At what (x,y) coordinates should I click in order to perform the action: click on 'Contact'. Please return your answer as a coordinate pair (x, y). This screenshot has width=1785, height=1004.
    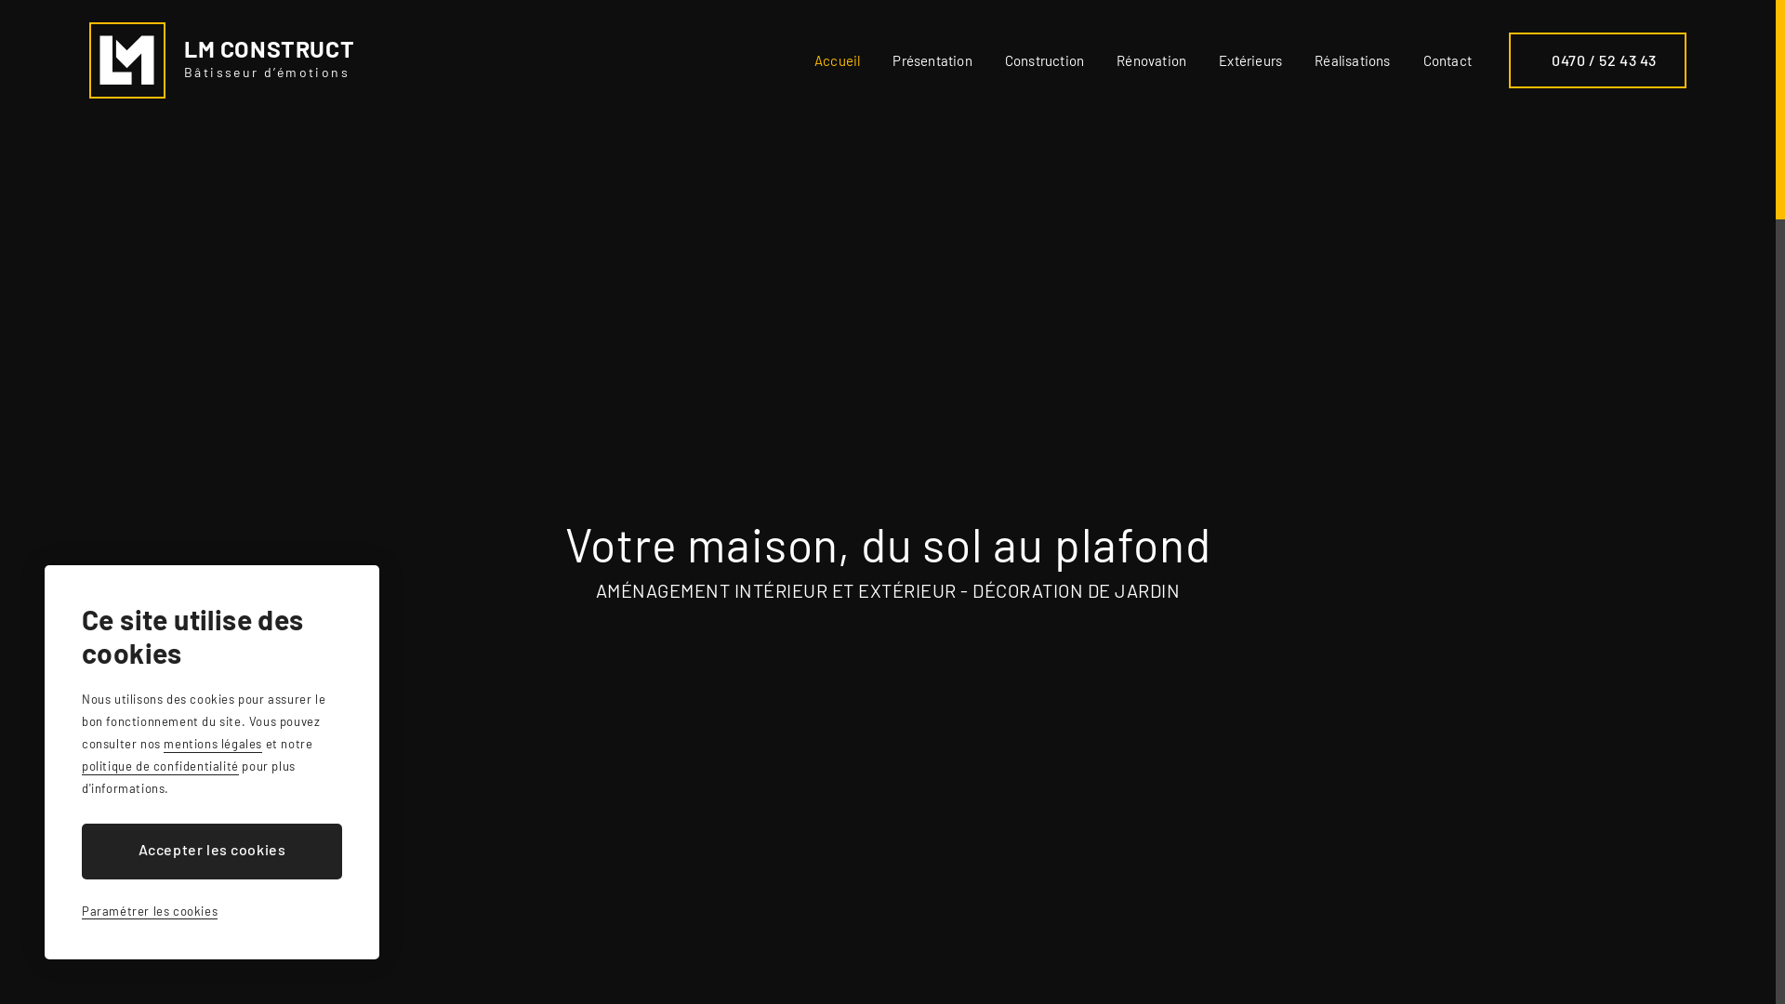
    Looking at the image, I should click on (1446, 59).